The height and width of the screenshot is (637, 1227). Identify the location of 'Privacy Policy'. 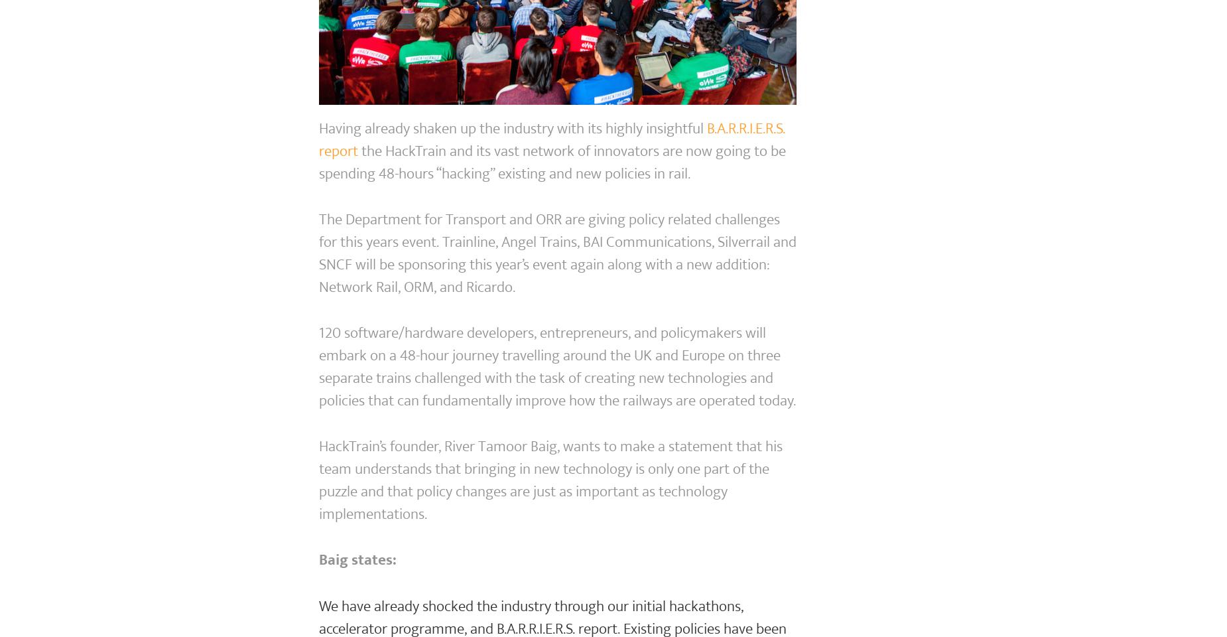
(596, 222).